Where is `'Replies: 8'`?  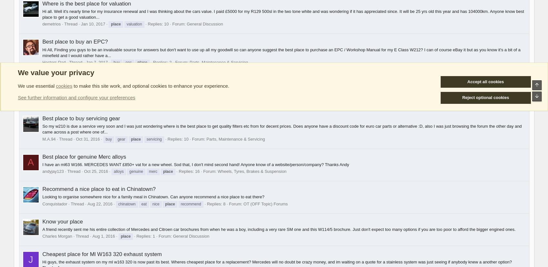 'Replies: 8' is located at coordinates (216, 203).